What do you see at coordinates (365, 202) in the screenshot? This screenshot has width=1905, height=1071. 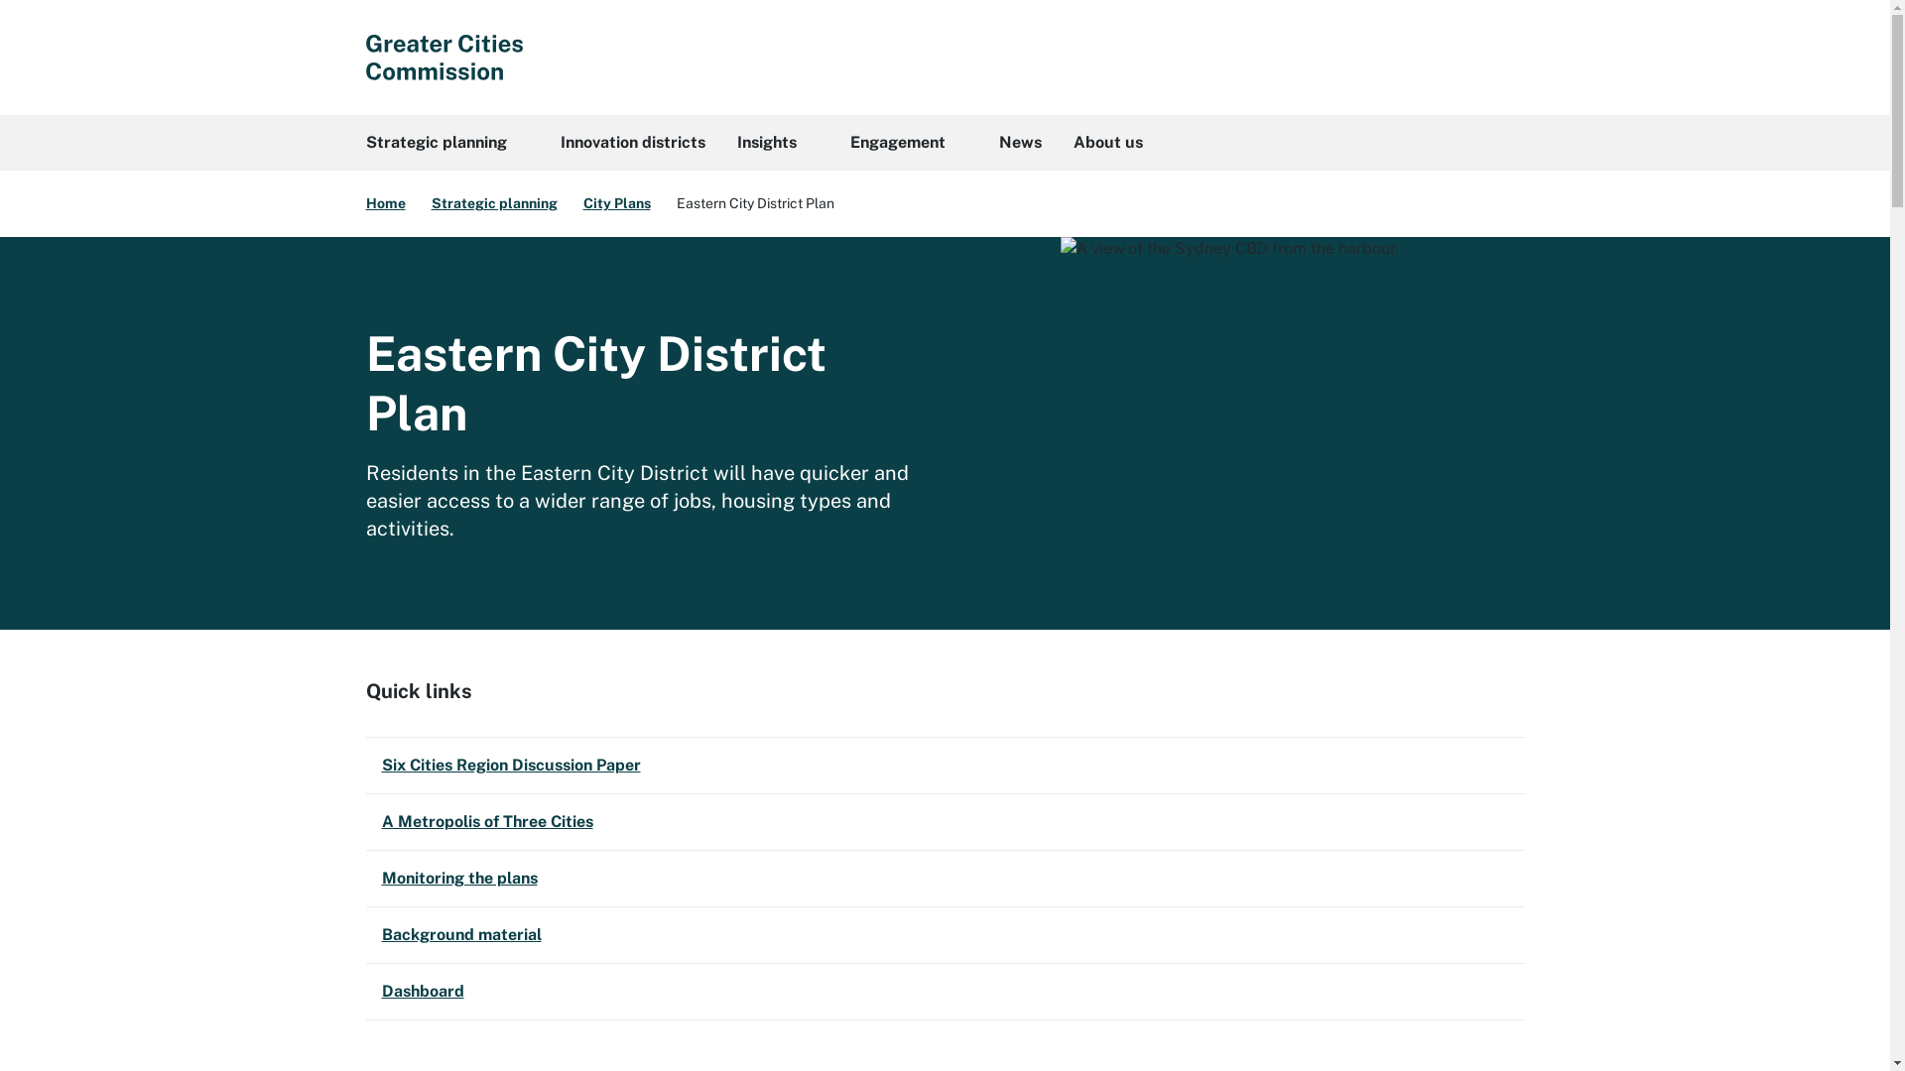 I see `'Home'` at bounding box center [365, 202].